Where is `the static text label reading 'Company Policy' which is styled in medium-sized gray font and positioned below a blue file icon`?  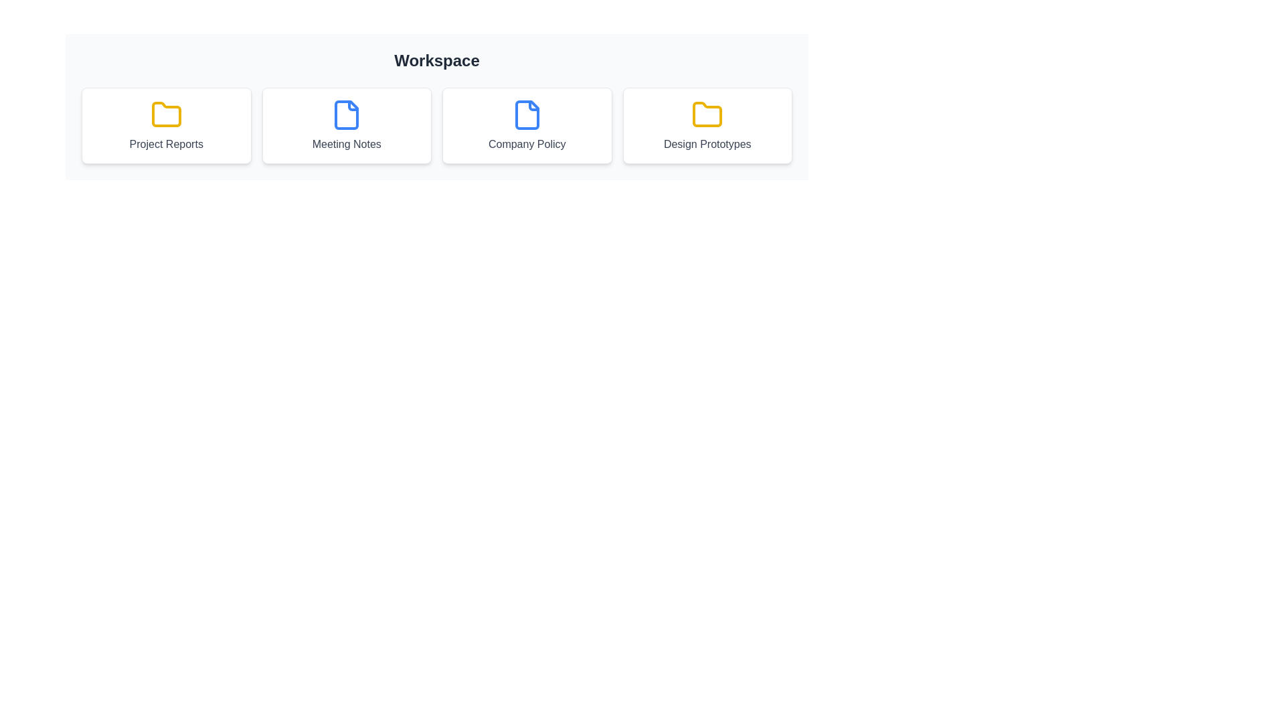
the static text label reading 'Company Policy' which is styled in medium-sized gray font and positioned below a blue file icon is located at coordinates (526, 145).